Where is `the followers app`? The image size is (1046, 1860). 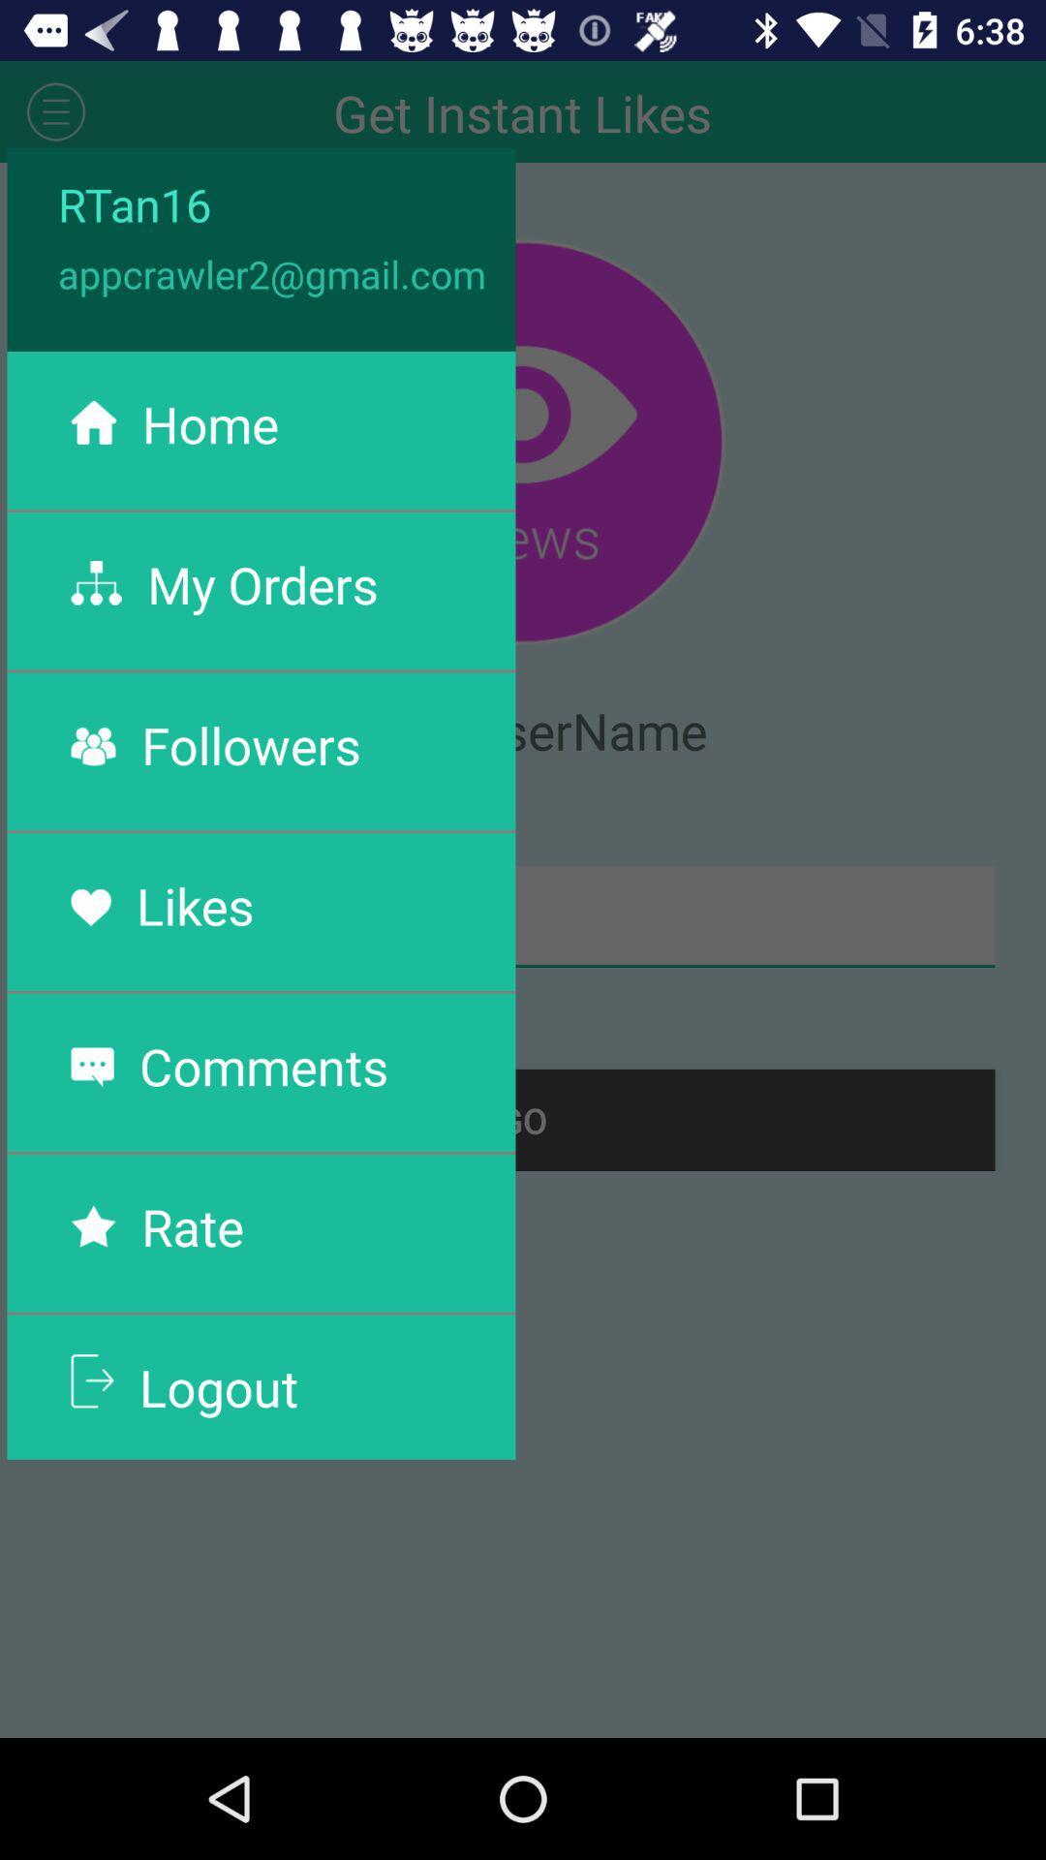 the followers app is located at coordinates (250, 744).